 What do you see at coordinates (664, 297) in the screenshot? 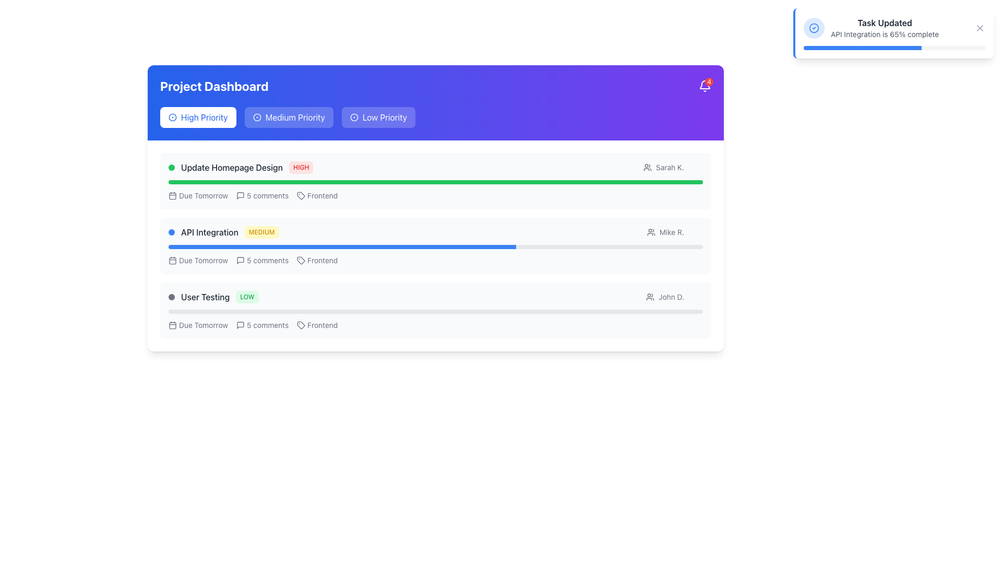
I see `the label displaying 'John D.' with an associated user icon, located in the lower part of a user card under 'User Testing'` at bounding box center [664, 297].